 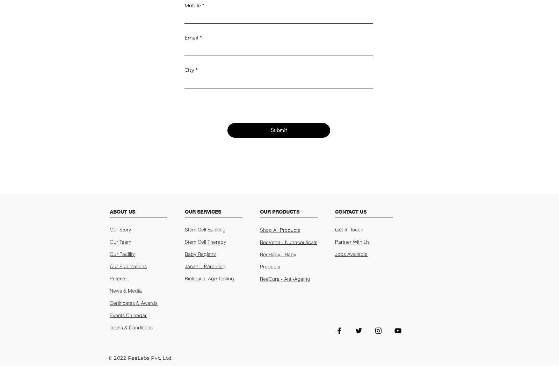 I want to click on 'Mobile', so click(x=192, y=5).